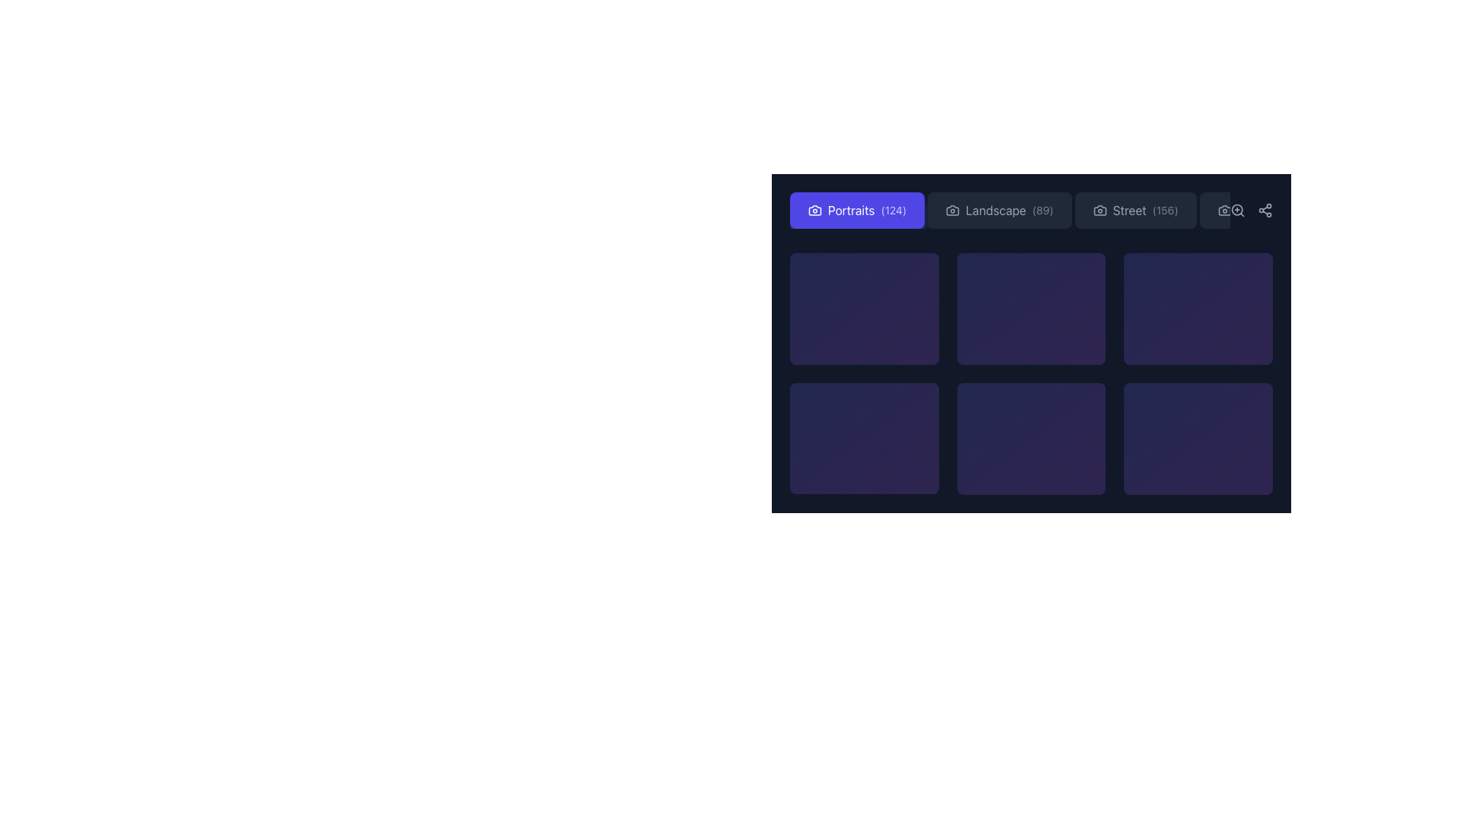  Describe the element at coordinates (1010, 211) in the screenshot. I see `the tab labeled 'Landscape (89)'` at that location.